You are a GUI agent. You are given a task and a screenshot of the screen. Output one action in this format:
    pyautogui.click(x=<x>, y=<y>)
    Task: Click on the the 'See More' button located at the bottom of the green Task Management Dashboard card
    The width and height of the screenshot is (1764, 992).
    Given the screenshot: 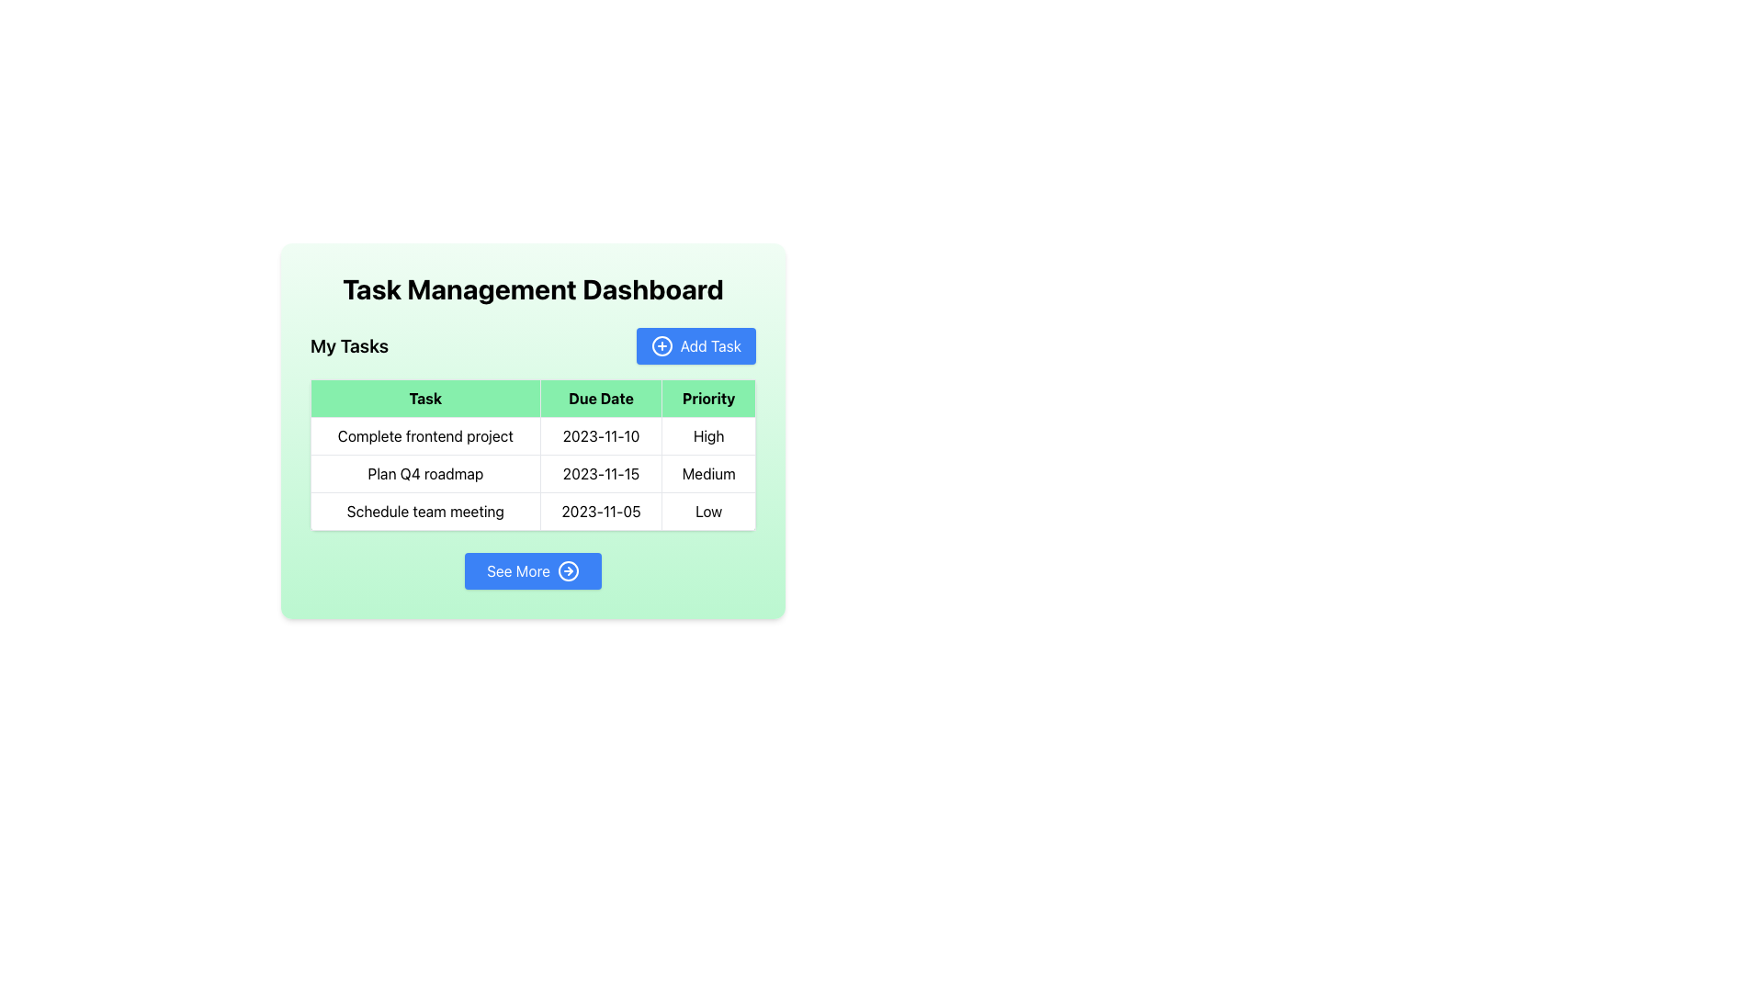 What is the action you would take?
    pyautogui.click(x=532, y=569)
    